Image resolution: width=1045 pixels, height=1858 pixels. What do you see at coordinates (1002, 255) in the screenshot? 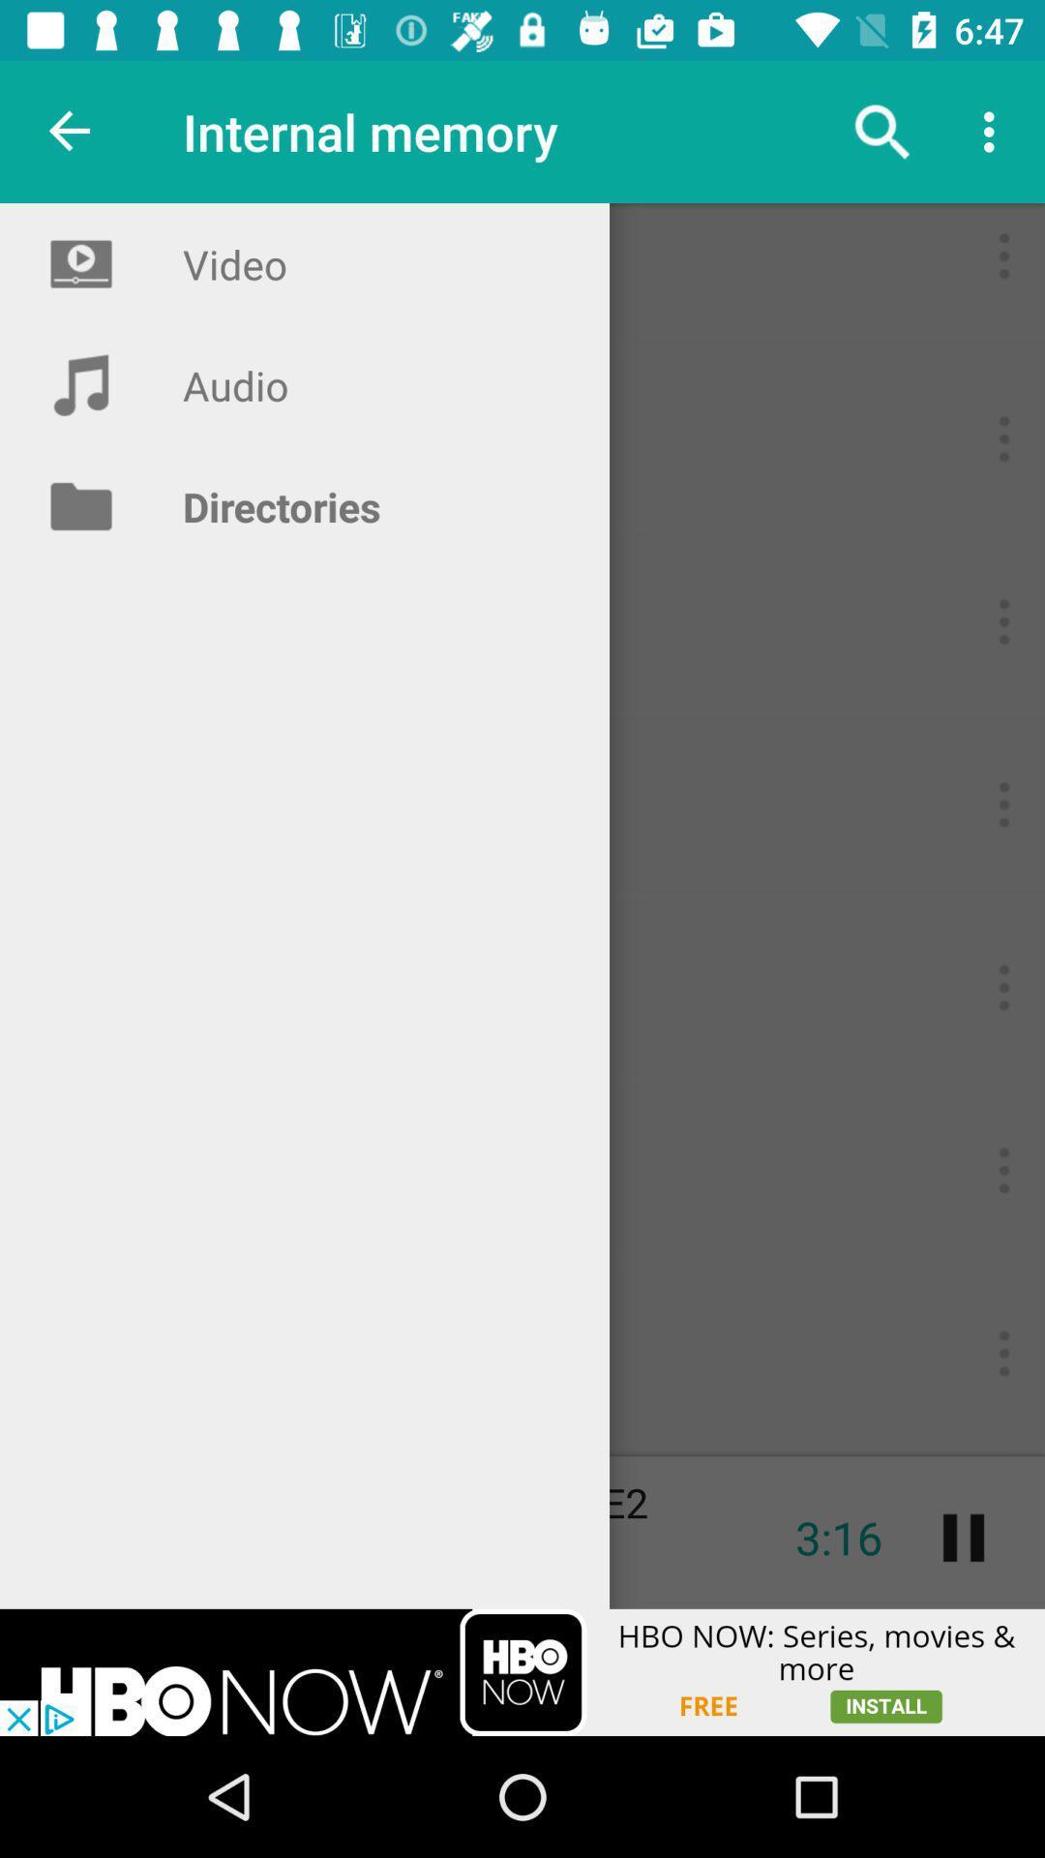
I see `3 vertical dots right to video` at bounding box center [1002, 255].